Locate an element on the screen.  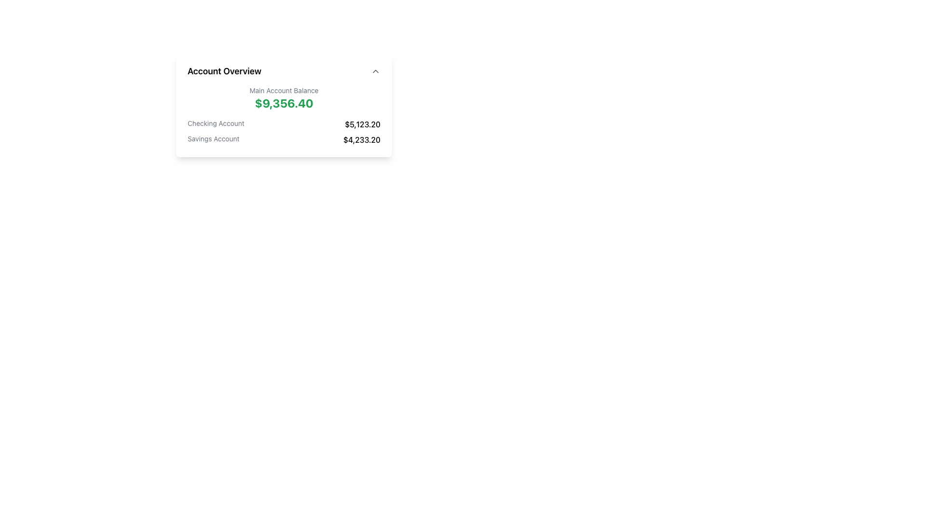
the account balance display in the 'Account Overview' section, which is located directly below the 'Main Account Balance' label is located at coordinates (284, 103).